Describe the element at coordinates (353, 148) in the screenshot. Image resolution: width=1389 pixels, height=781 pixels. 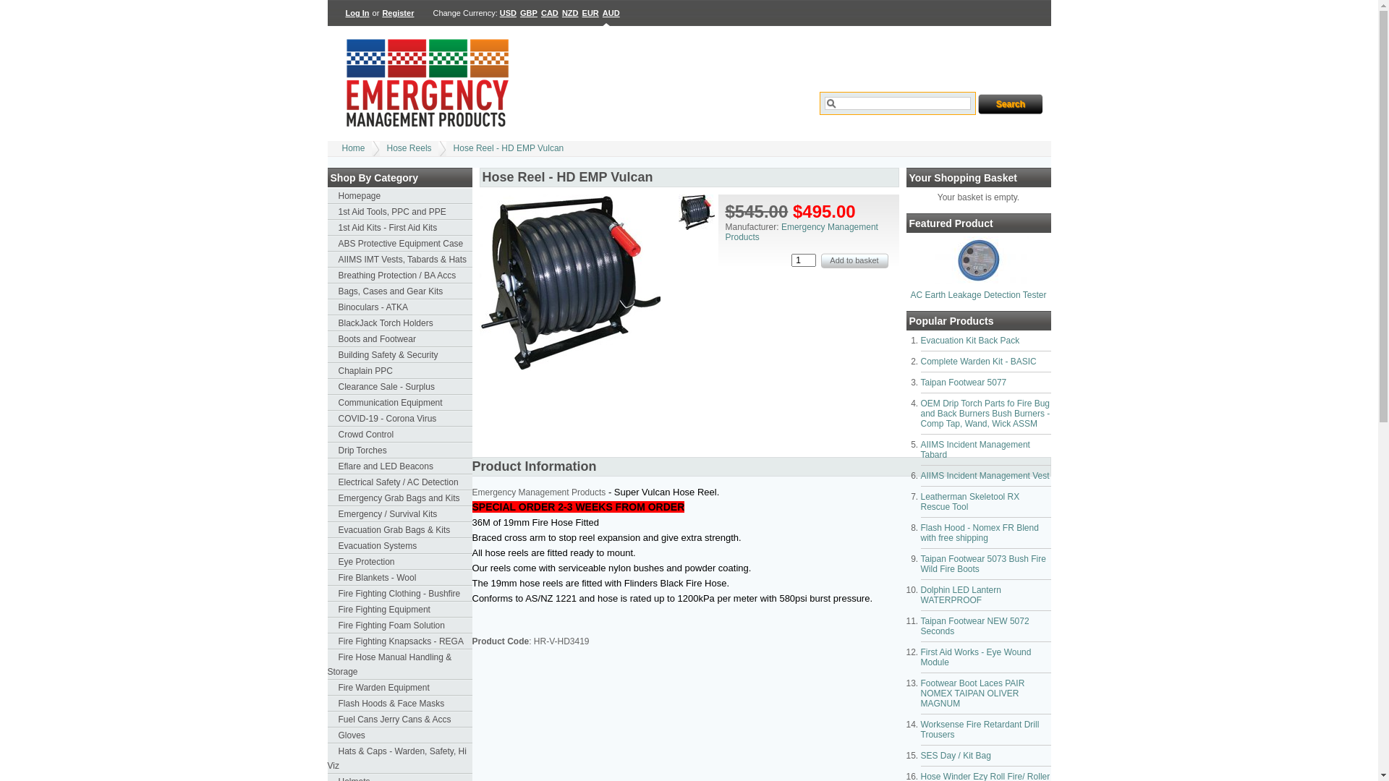
I see `'Home'` at that location.